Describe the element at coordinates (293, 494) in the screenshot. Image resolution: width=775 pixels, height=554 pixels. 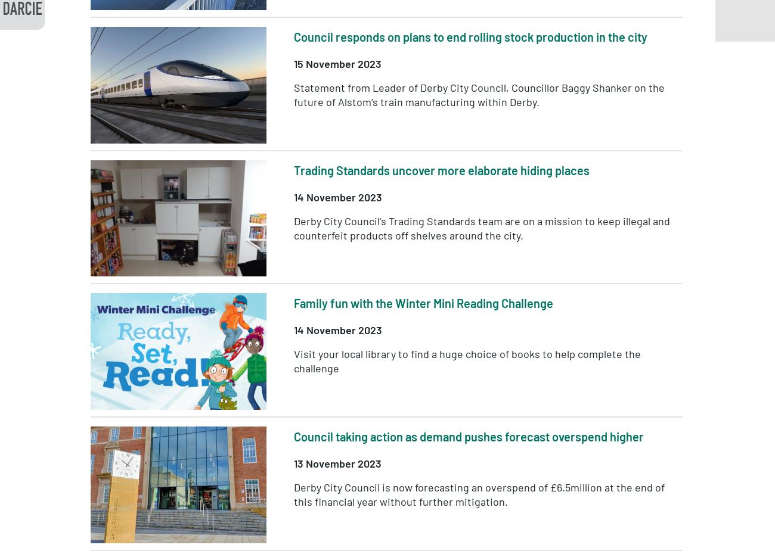
I see `'Derby City Council is now forecasting an overspend of £6.5million at the end of this financial year without further mitigation.'` at that location.